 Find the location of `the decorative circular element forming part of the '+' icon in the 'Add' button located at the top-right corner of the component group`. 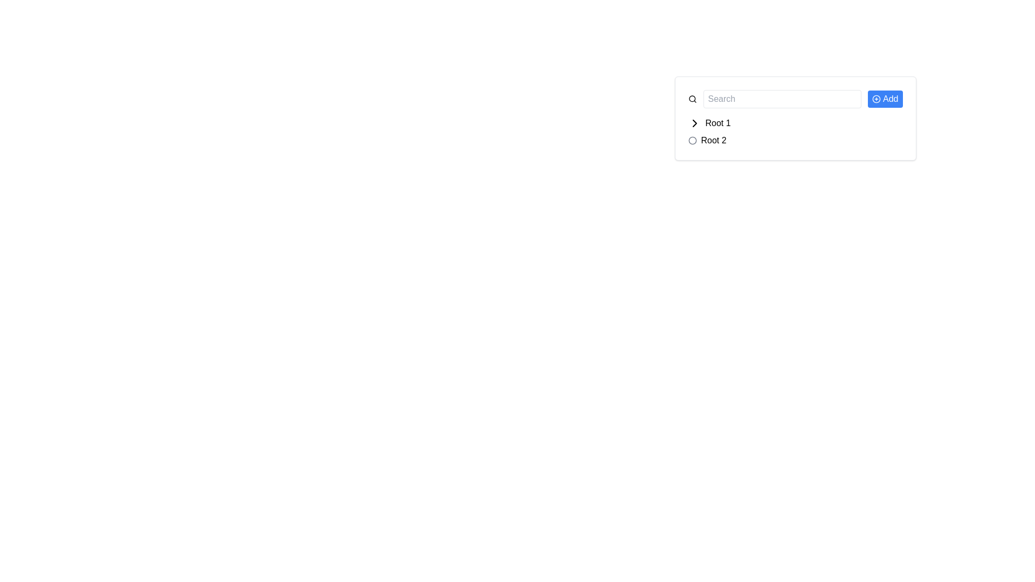

the decorative circular element forming part of the '+' icon in the 'Add' button located at the top-right corner of the component group is located at coordinates (877, 99).